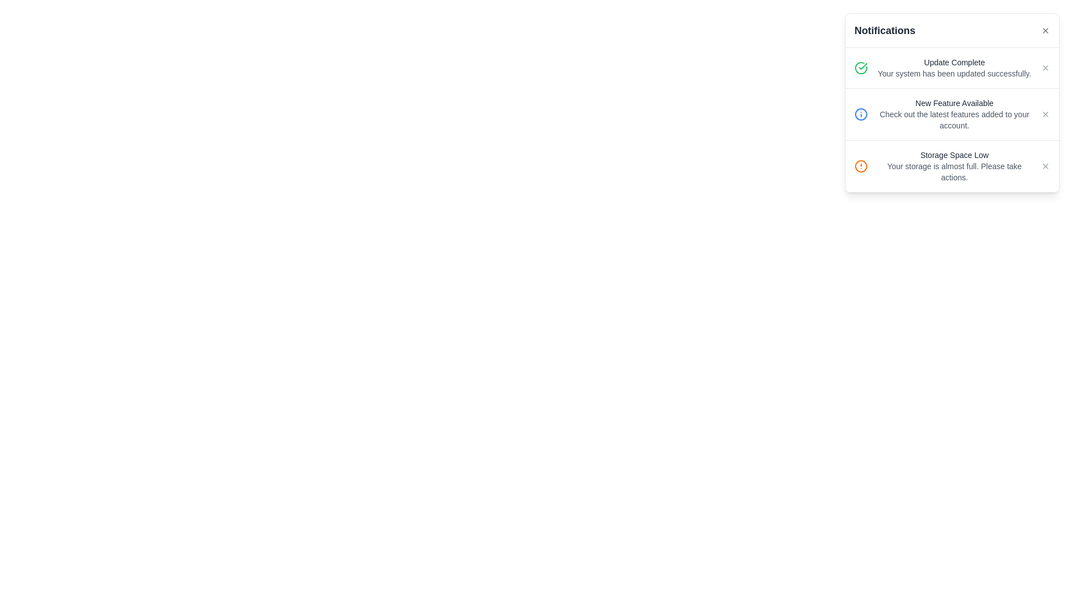 The height and width of the screenshot is (603, 1073). Describe the element at coordinates (954, 172) in the screenshot. I see `the text label displaying the message 'Your storage is almost full. Please take actions.' located beneath 'Storage Space Low' and adjacent to an orange warning icon` at that location.